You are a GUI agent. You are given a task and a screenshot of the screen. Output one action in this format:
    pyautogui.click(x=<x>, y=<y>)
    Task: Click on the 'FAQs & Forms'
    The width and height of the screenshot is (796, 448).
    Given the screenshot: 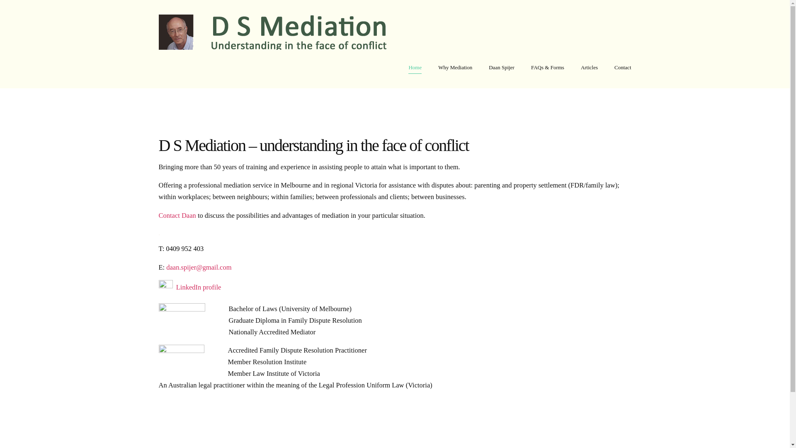 What is the action you would take?
    pyautogui.click(x=547, y=67)
    